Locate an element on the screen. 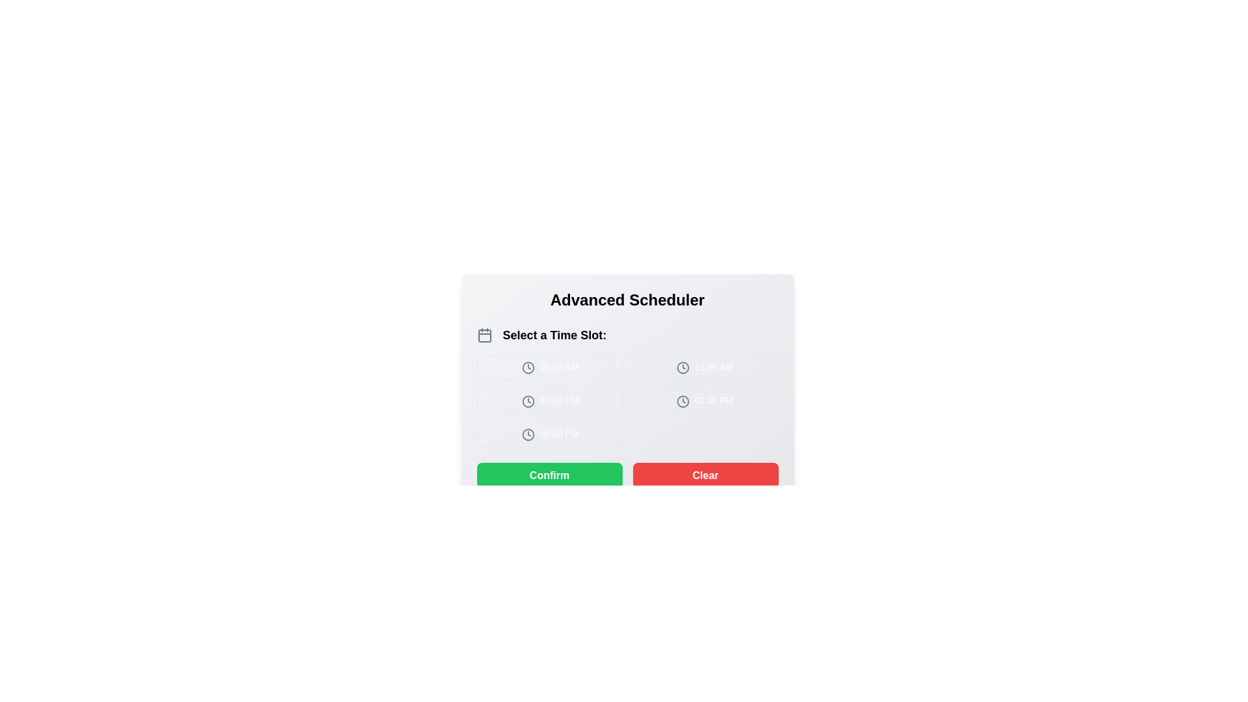  the circular icon representing part of a clock design, located to the left of the text '09:00 AM' in the first row of the time slots section is located at coordinates (528, 368).